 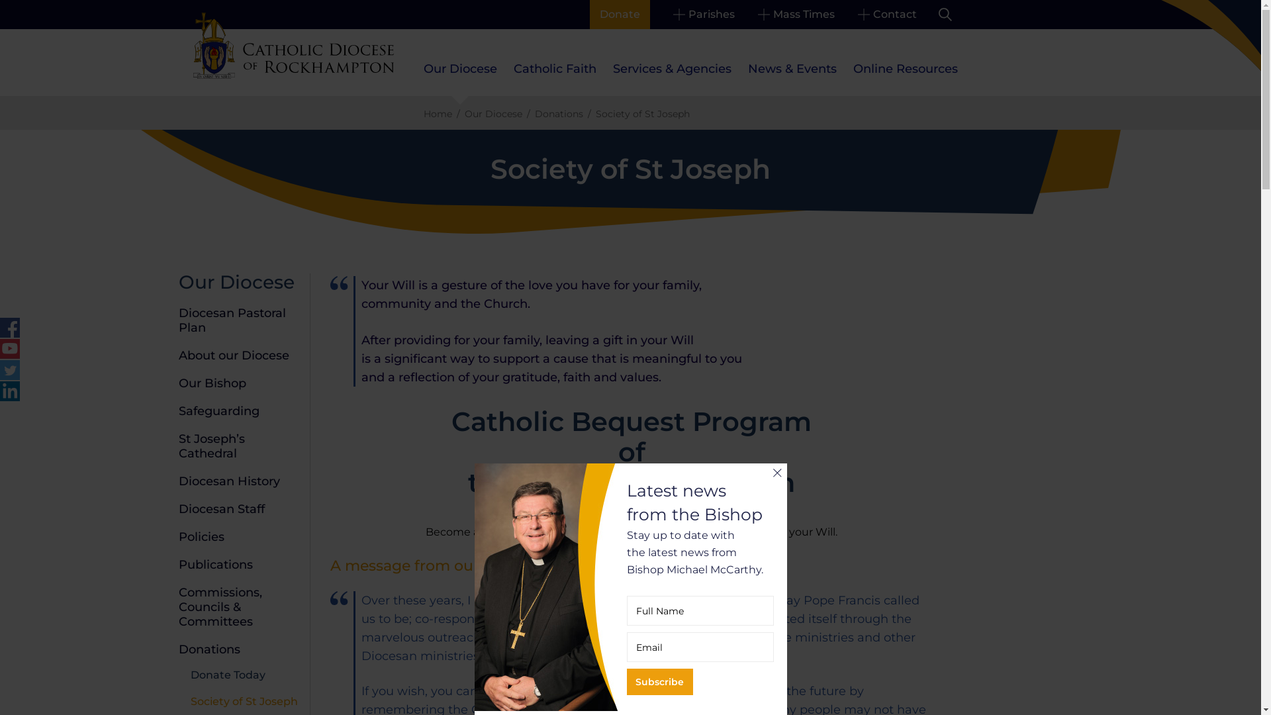 I want to click on 'Commissions, Councils & Committees', so click(x=220, y=607).